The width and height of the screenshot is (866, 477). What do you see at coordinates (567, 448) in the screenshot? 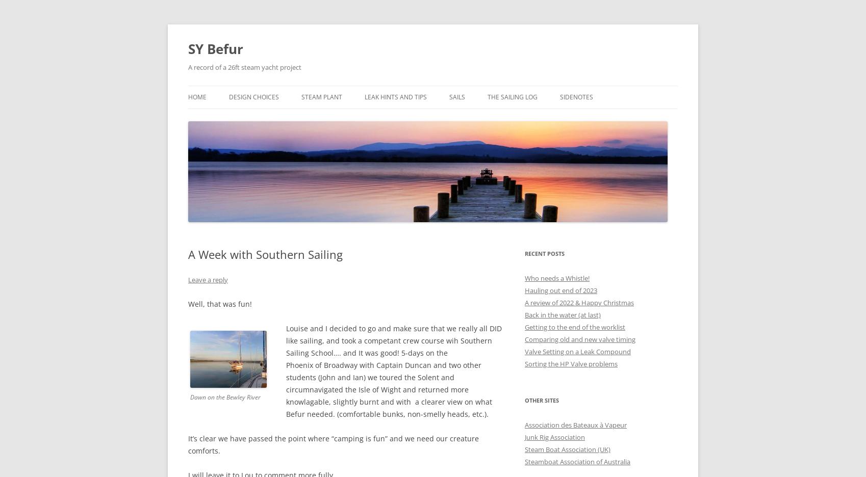
I see `'Steam Boat Association (UK)'` at bounding box center [567, 448].